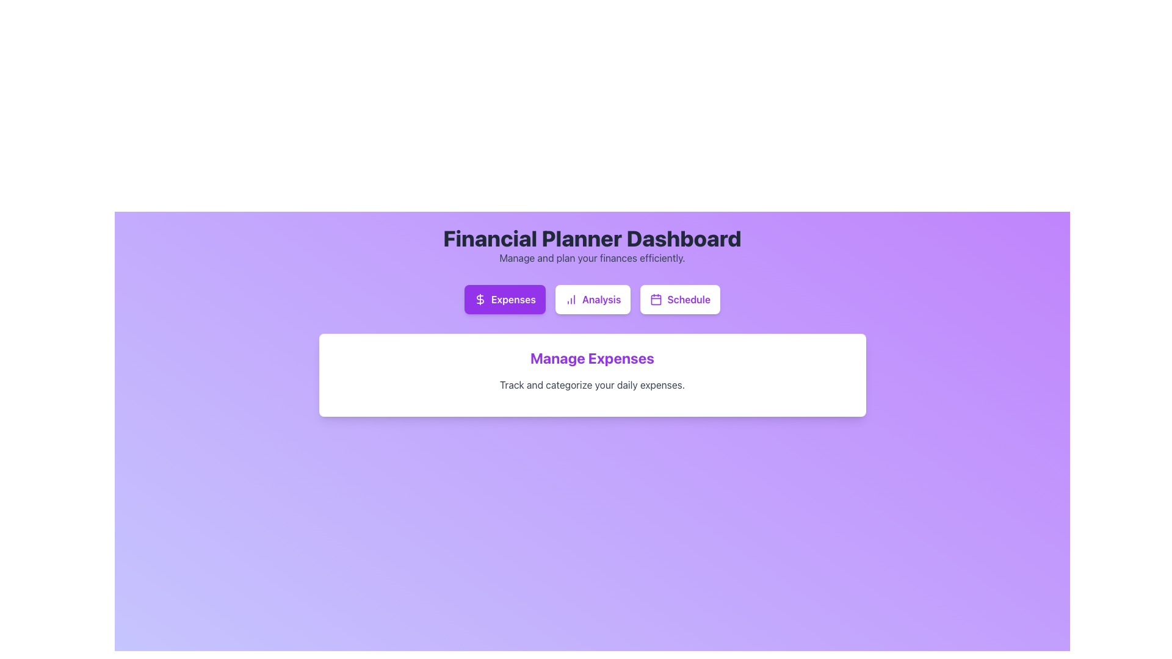 The width and height of the screenshot is (1172, 659). I want to click on the button located at the rightmost position in the horizontal row of buttons under the text 'Financial Planner Dashboard', which is the third button preceded by 'Expenses' and 'Analysis', so click(679, 299).